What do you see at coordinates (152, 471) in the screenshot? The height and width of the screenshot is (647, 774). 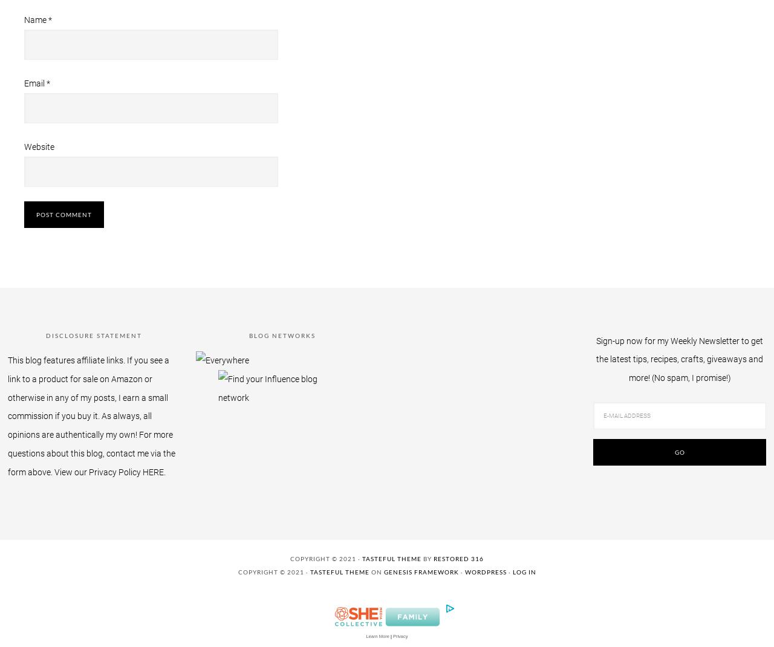 I see `'HERE'` at bounding box center [152, 471].